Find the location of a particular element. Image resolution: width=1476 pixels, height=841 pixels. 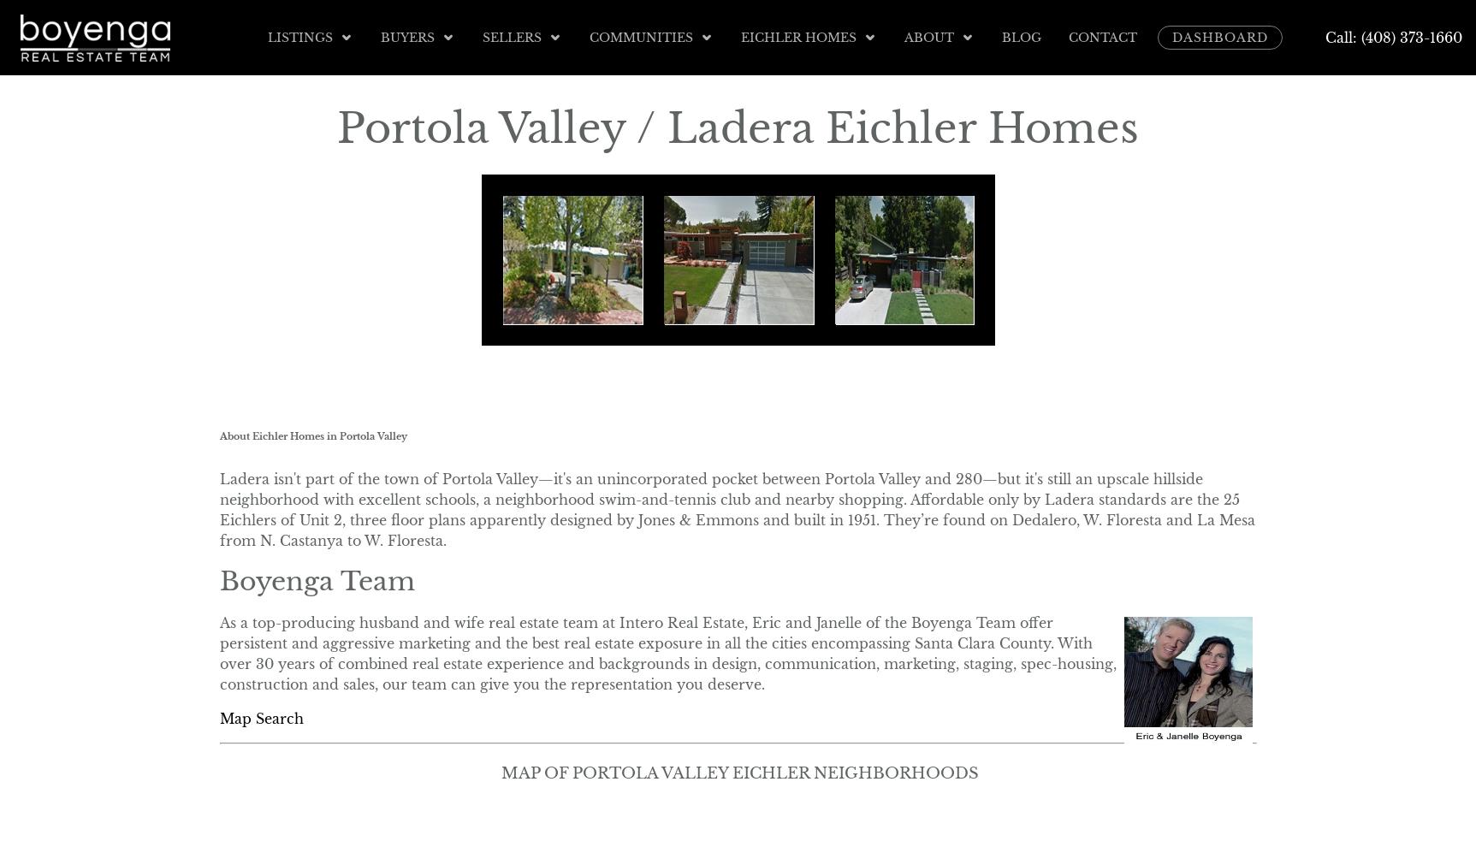

'Boyenga Team' is located at coordinates (217, 579).